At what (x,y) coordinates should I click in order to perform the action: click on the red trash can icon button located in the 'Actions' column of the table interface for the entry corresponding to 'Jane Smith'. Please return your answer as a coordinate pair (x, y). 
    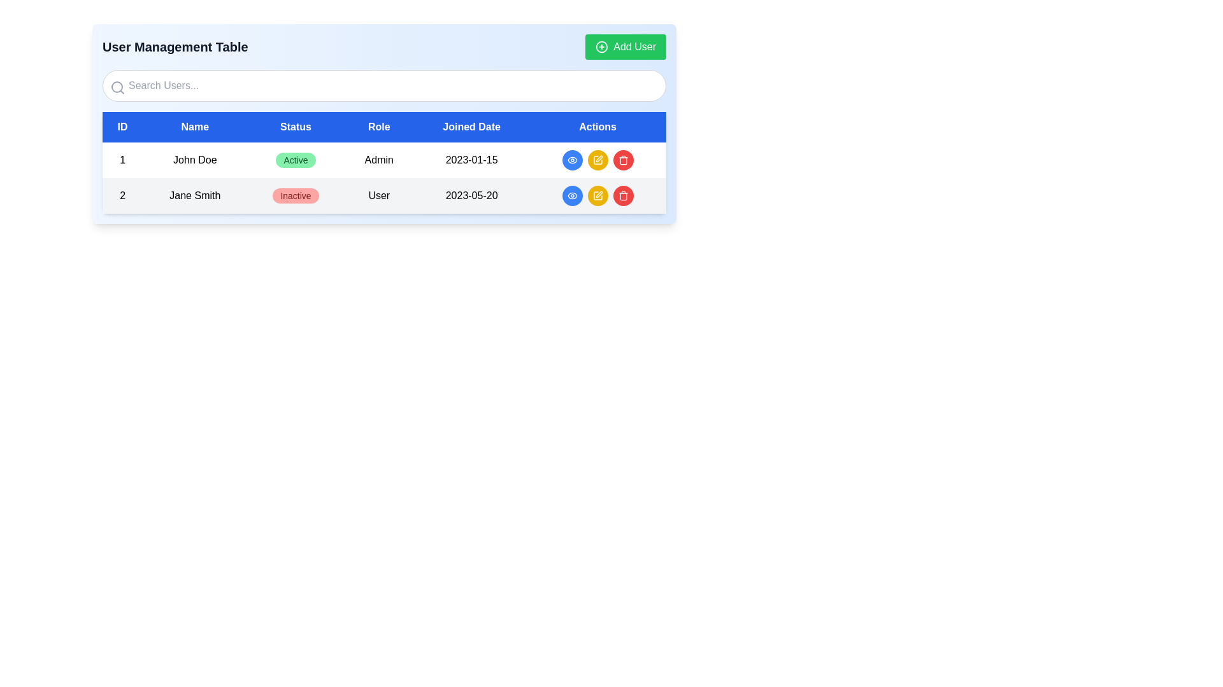
    Looking at the image, I should click on (623, 159).